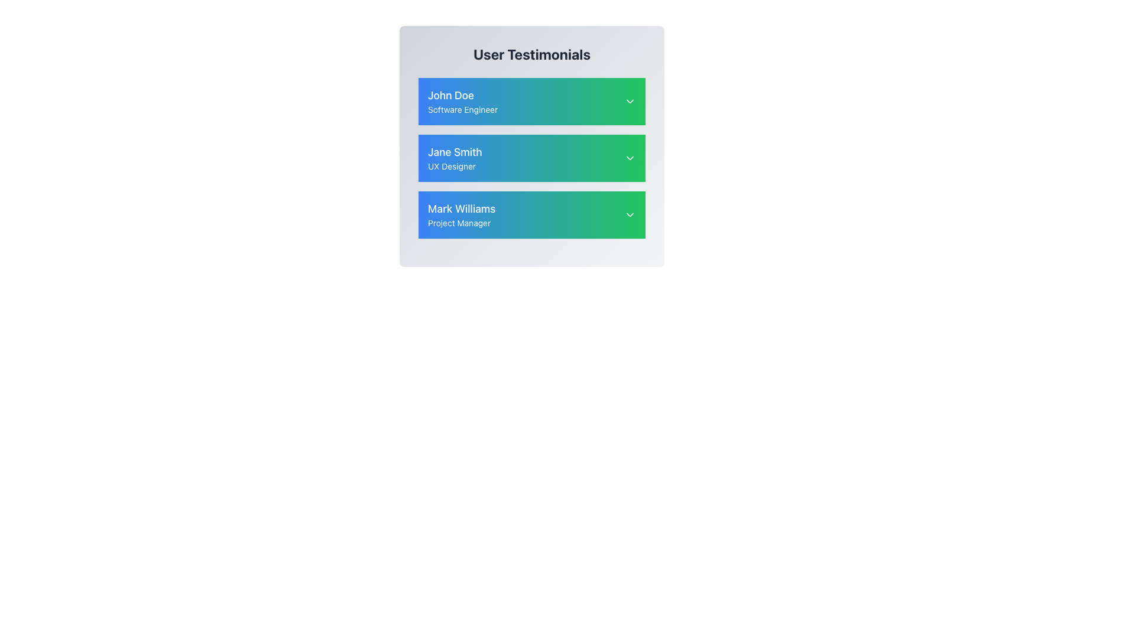 Image resolution: width=1135 pixels, height=638 pixels. What do you see at coordinates (629, 157) in the screenshot?
I see `the Dropdown Indicator Icon, which is a downward-facing chevron icon located in the Jane Smith section of user testimonials` at bounding box center [629, 157].